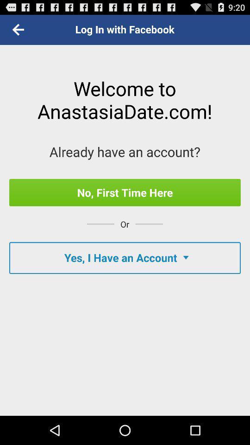 The image size is (250, 445). Describe the element at coordinates (125, 192) in the screenshot. I see `app above the or icon` at that location.